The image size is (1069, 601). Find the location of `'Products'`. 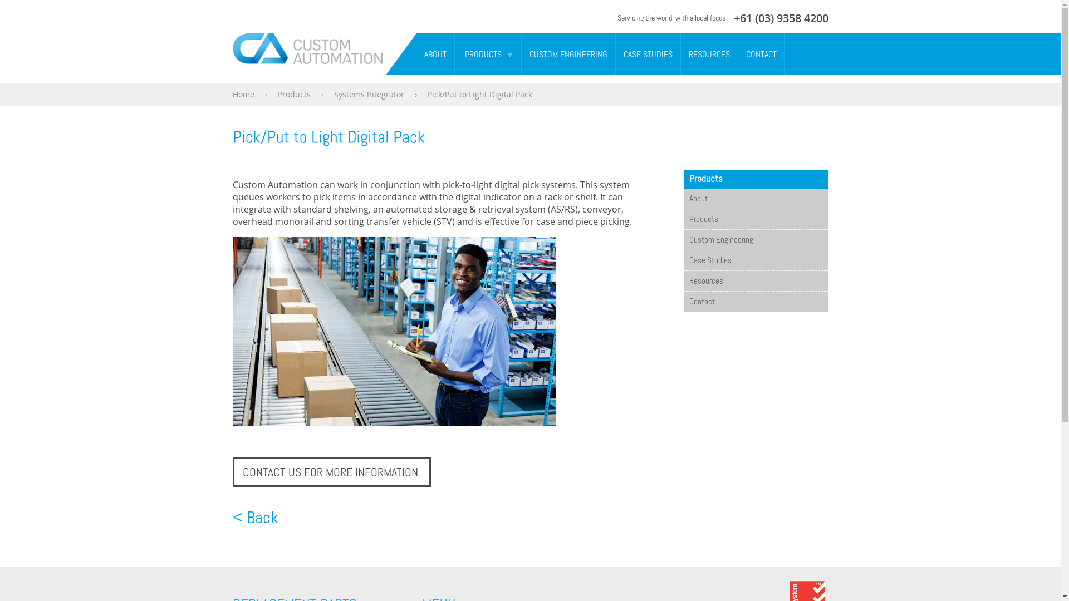

'Products' is located at coordinates (293, 93).